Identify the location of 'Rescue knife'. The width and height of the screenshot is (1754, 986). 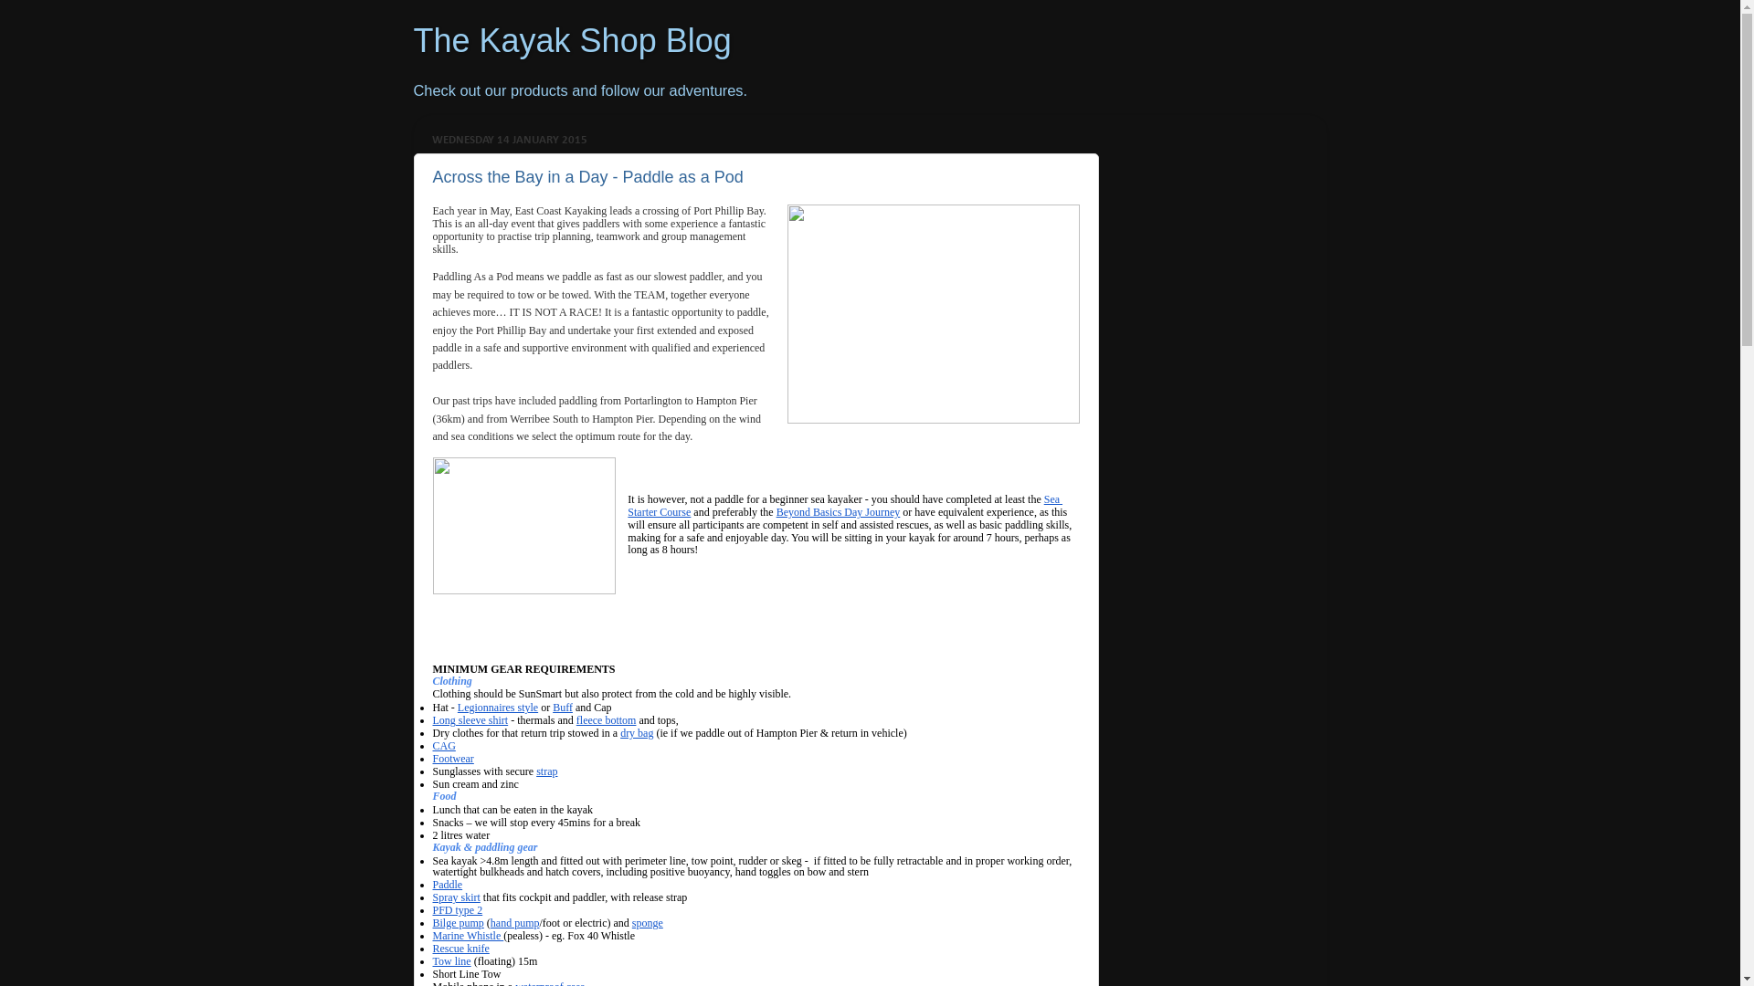
(460, 947).